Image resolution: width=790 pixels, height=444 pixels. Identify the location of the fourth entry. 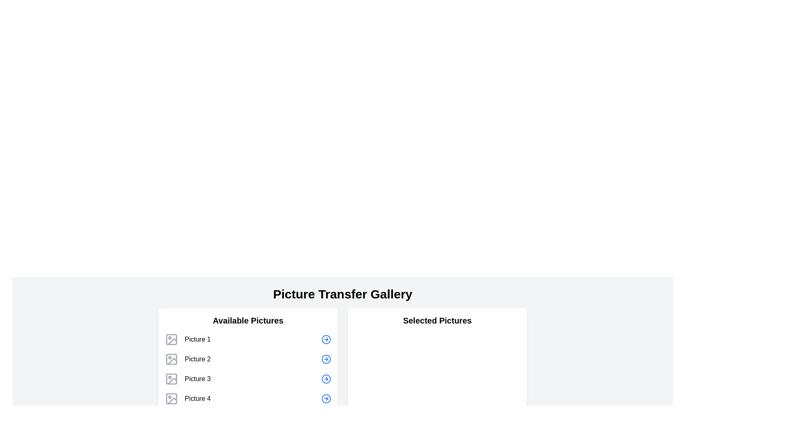
(187, 398).